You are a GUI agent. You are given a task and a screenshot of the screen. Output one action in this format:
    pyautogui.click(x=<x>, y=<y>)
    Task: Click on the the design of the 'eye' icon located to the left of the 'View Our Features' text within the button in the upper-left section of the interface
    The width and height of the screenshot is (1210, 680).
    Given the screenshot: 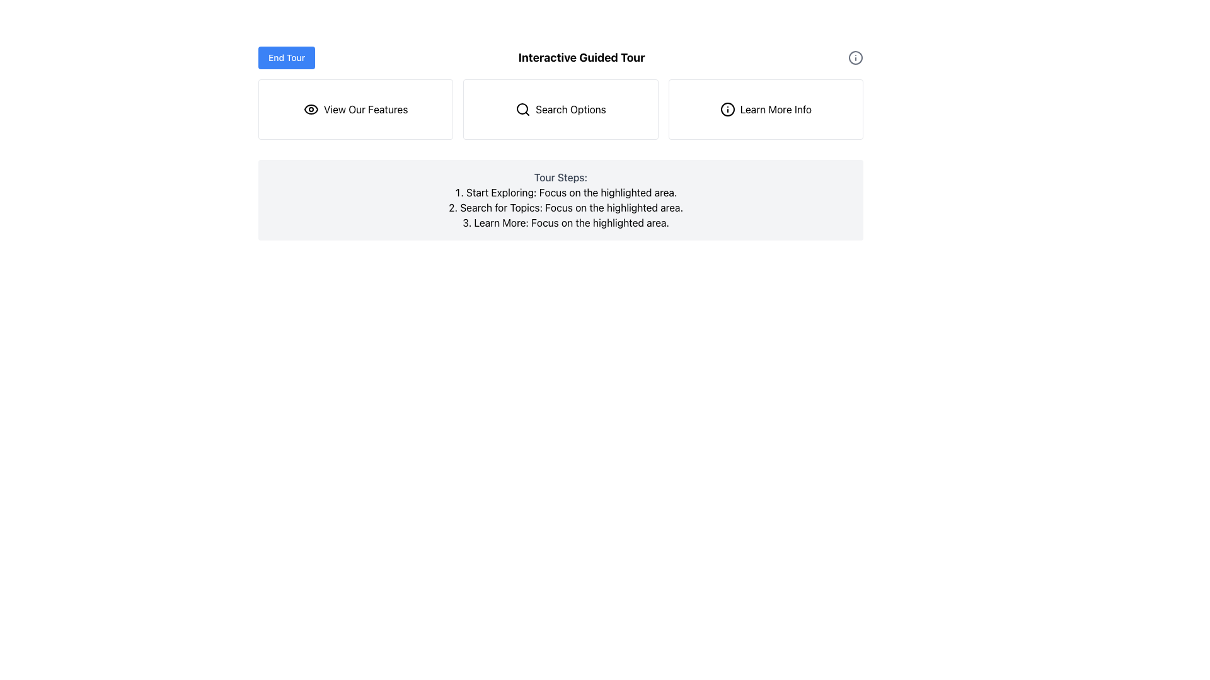 What is the action you would take?
    pyautogui.click(x=311, y=108)
    